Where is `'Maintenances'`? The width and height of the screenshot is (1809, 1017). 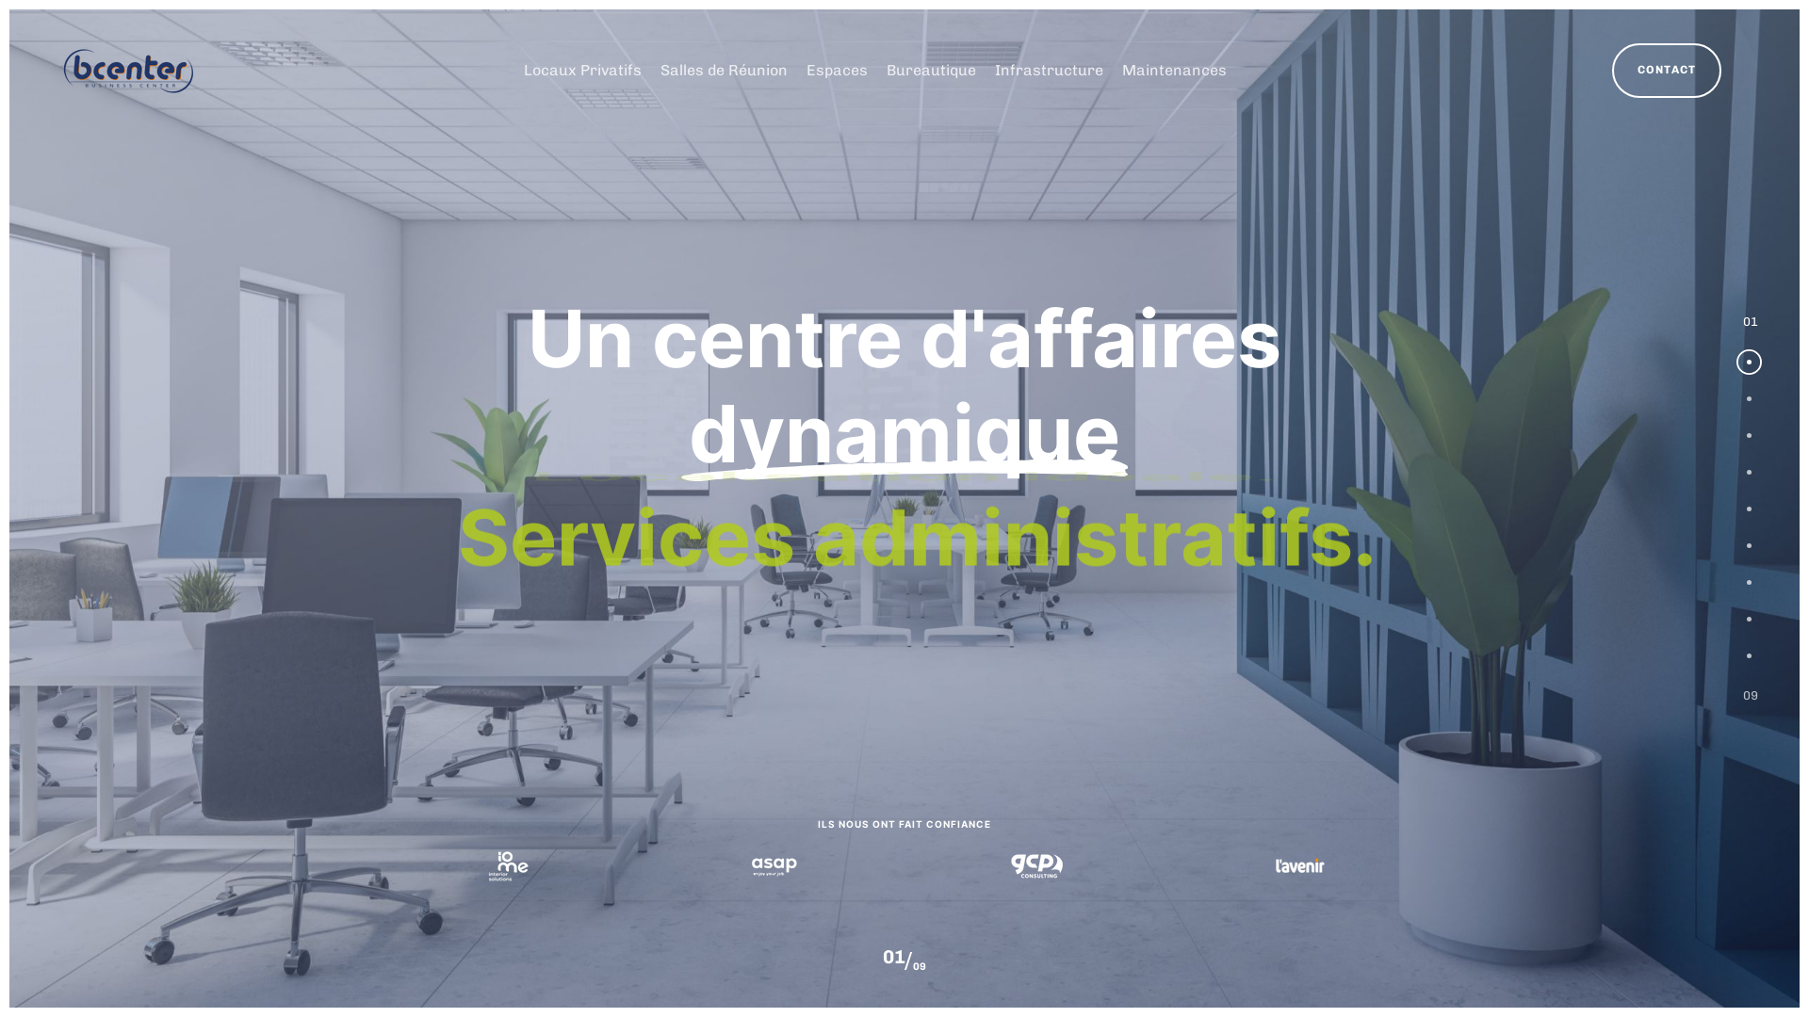 'Maintenances' is located at coordinates (1173, 69).